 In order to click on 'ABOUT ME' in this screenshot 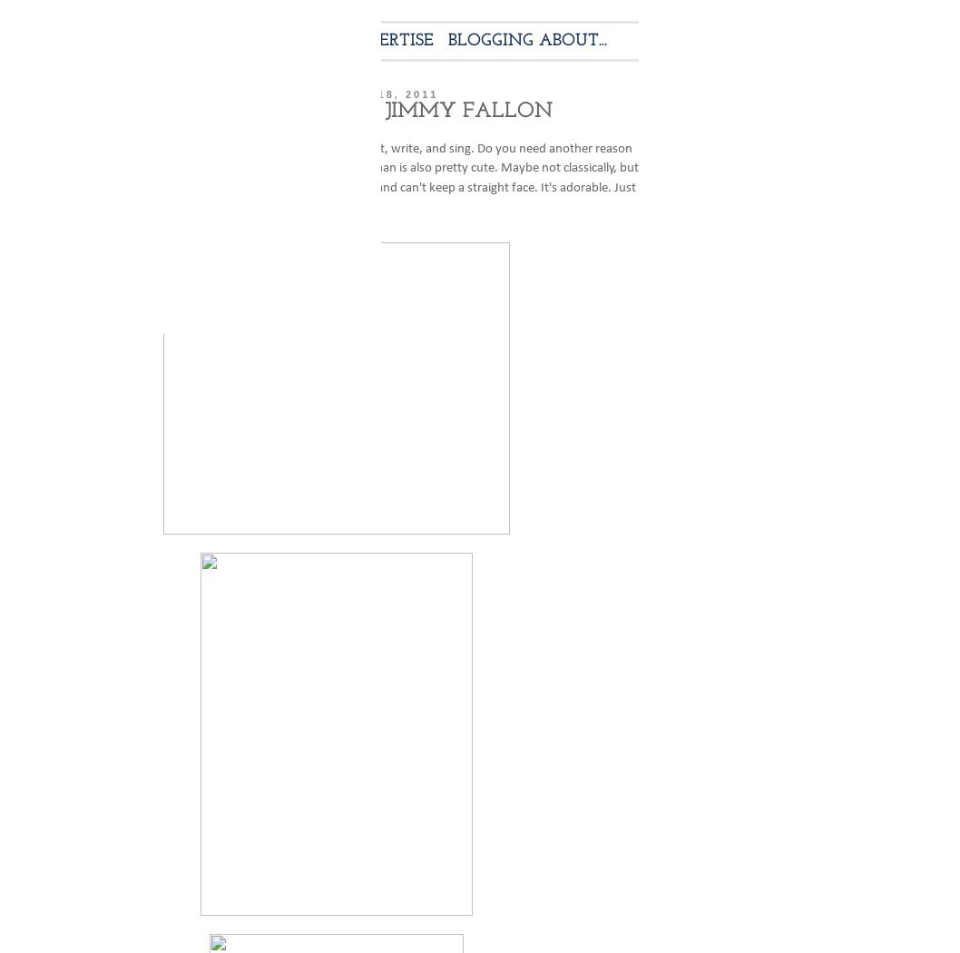, I will do `click(181, 40)`.